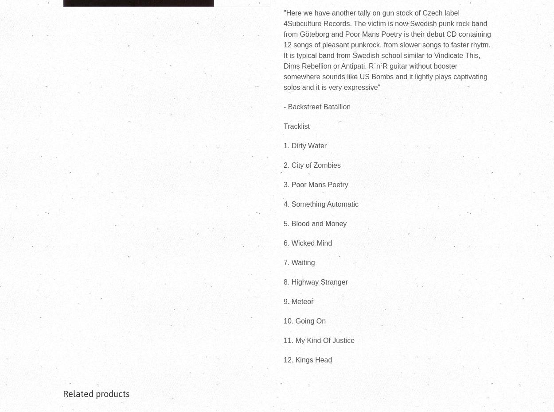  I want to click on '2. City of Zombies', so click(312, 165).